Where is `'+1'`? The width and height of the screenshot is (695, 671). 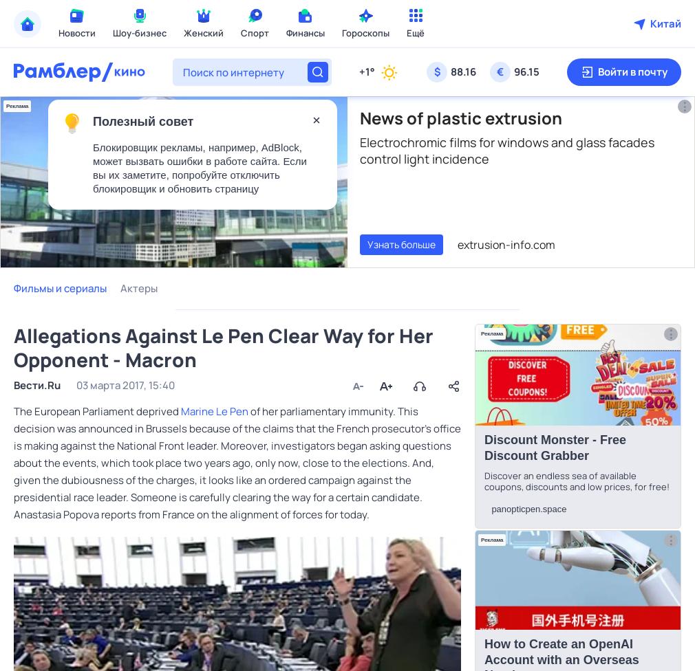 '+1' is located at coordinates (364, 71).